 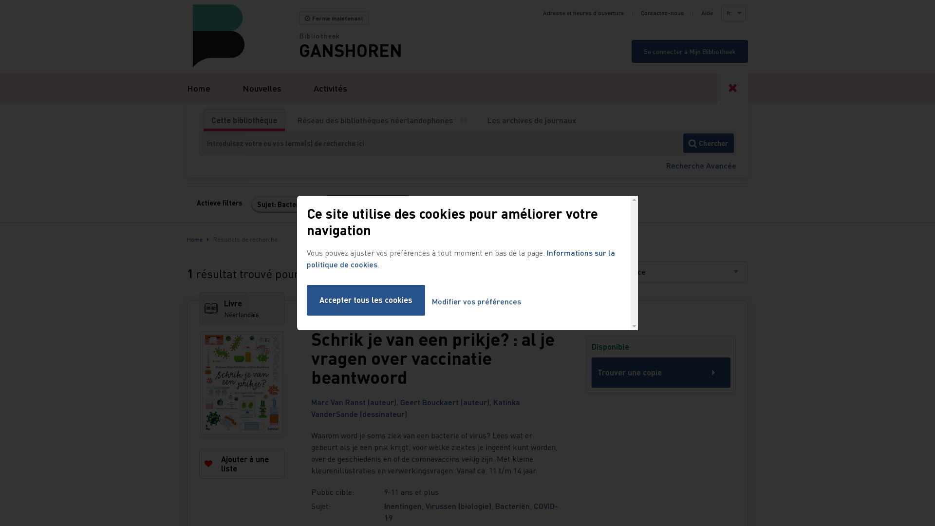 What do you see at coordinates (198, 88) in the screenshot?
I see `'Home'` at bounding box center [198, 88].